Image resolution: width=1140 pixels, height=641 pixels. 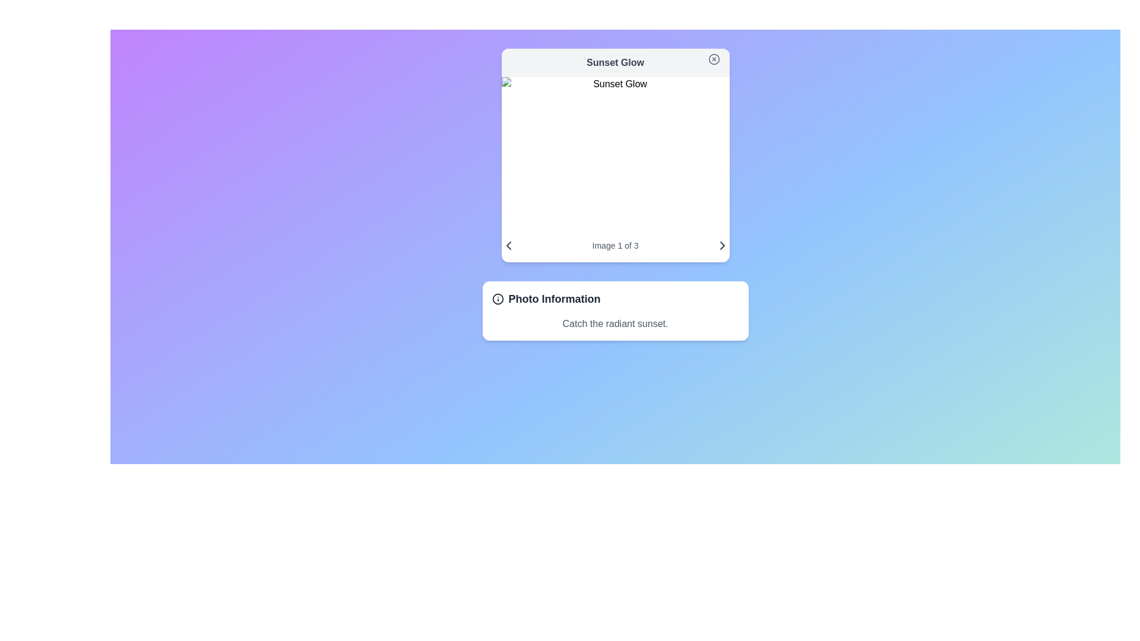 I want to click on the small left-facing chevron icon button located on the left side of the panel displaying 'Image 1 of 3', so click(x=508, y=245).